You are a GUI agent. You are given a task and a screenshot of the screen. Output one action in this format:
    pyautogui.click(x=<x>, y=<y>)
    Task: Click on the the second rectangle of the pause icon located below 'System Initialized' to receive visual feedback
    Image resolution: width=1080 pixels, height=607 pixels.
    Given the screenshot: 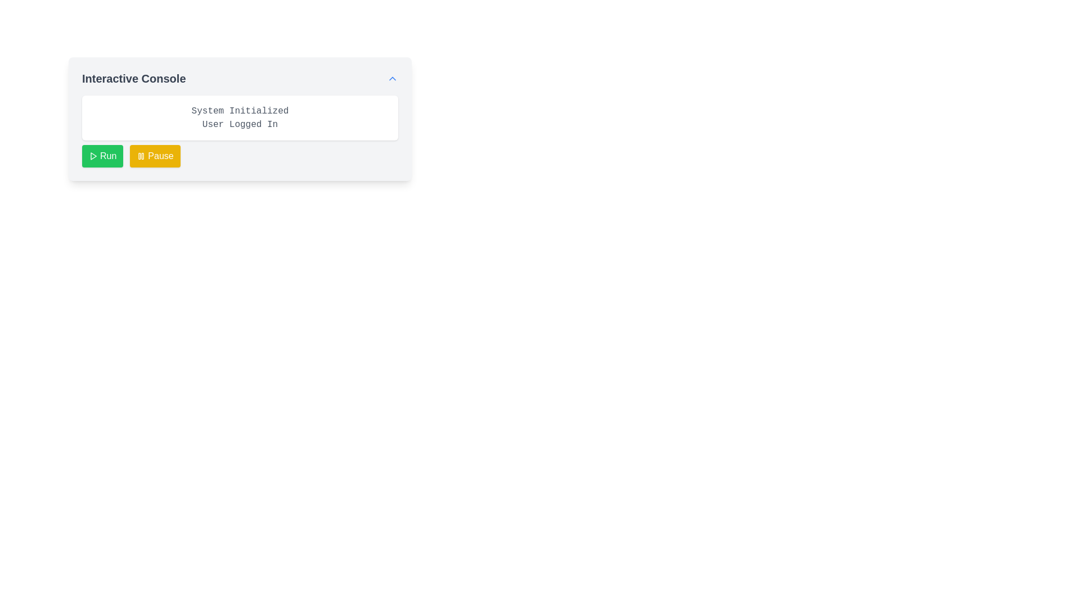 What is the action you would take?
    pyautogui.click(x=142, y=156)
    